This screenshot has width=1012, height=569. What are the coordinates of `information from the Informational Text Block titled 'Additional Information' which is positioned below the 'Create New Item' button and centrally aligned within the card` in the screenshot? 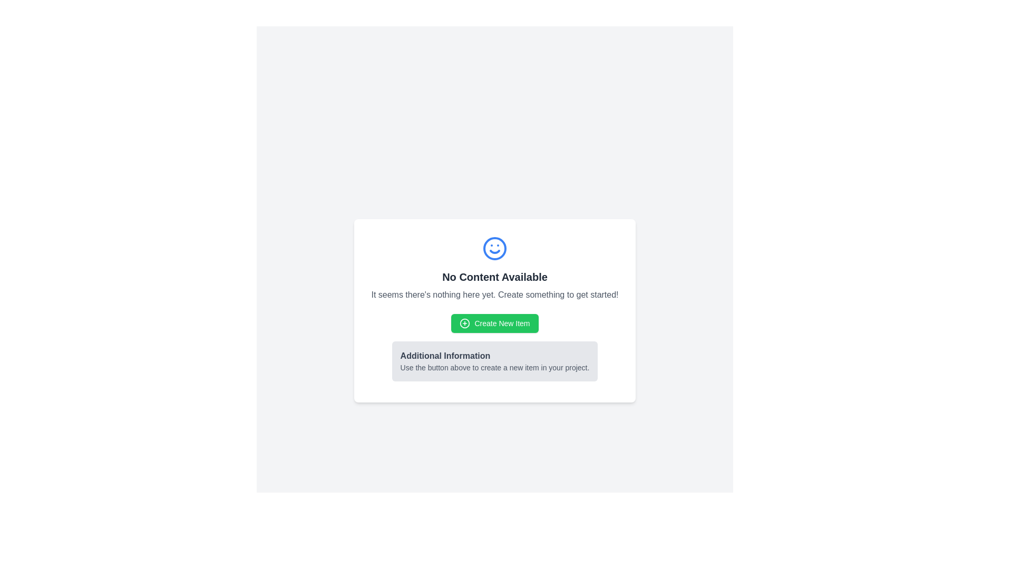 It's located at (494, 361).